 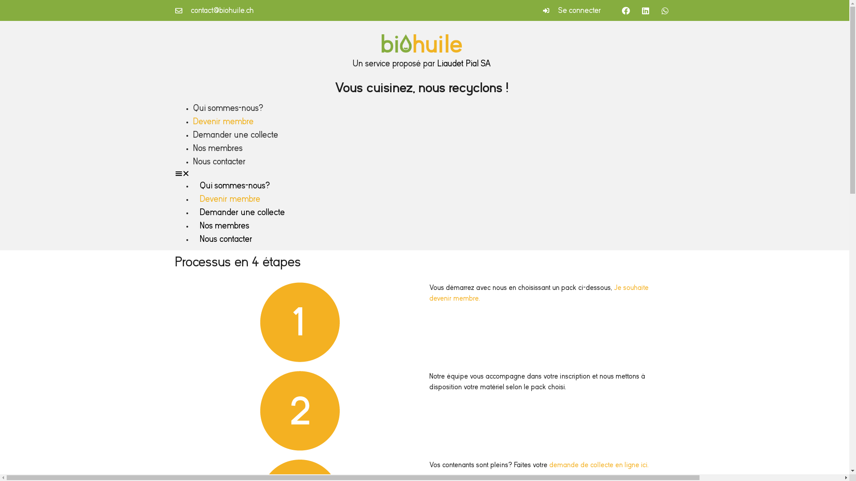 What do you see at coordinates (218, 161) in the screenshot?
I see `'Nous contacter'` at bounding box center [218, 161].